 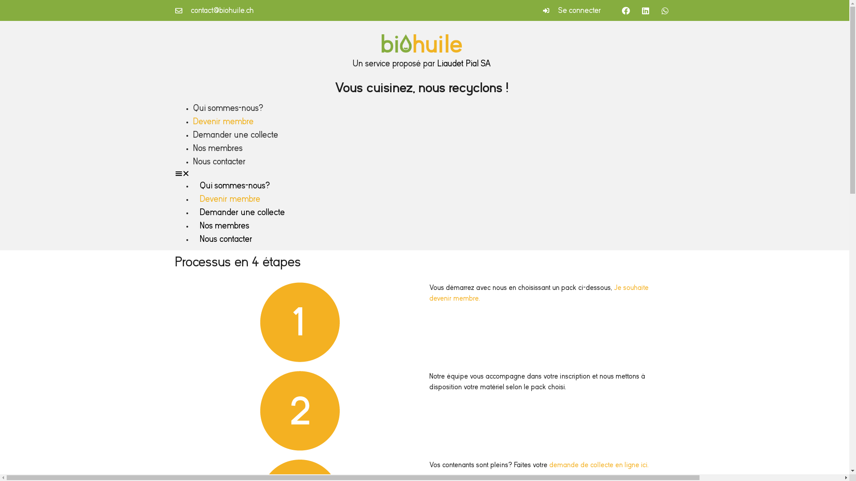 What do you see at coordinates (218, 161) in the screenshot?
I see `'Nous contacter'` at bounding box center [218, 161].